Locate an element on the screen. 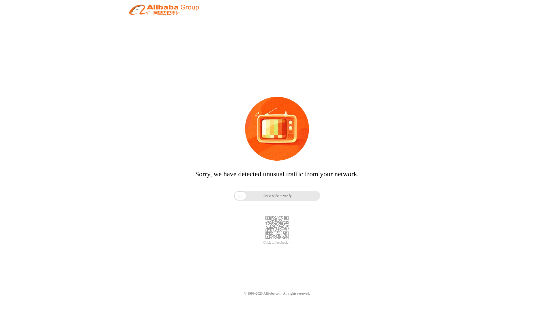  'Click to feedback >' is located at coordinates (277, 242).